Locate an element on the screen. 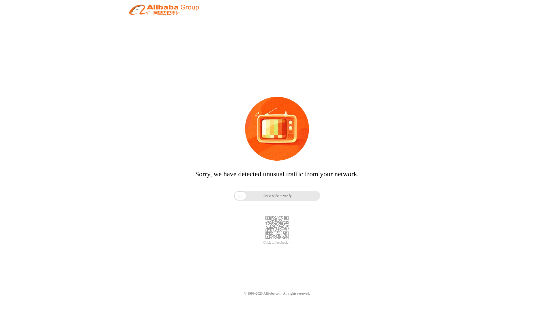  'Click to feedback >' is located at coordinates (277, 242).